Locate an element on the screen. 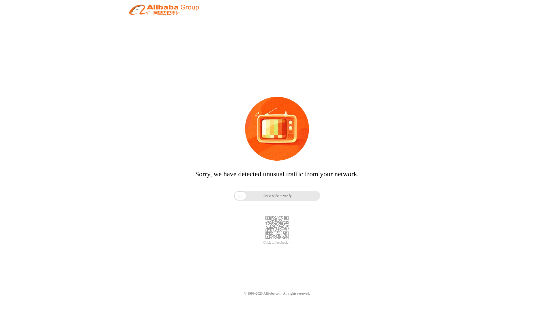  'Click to feedback >' is located at coordinates (277, 242).